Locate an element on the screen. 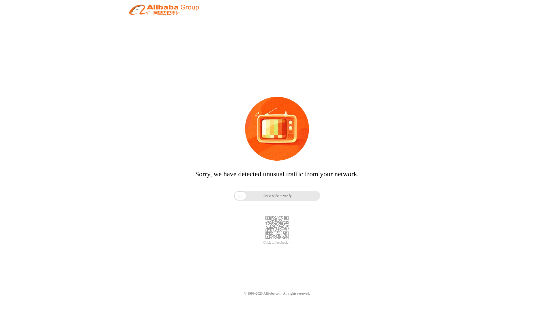  'Click to feedback >' is located at coordinates (277, 242).